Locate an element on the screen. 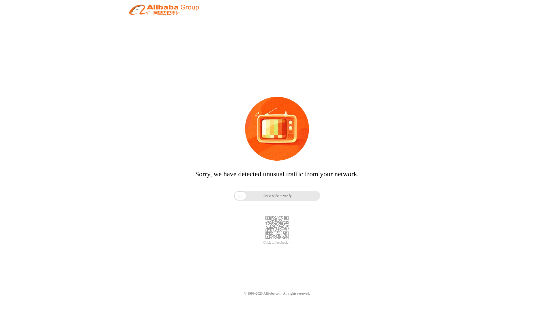  'Click to feedback >' is located at coordinates (277, 242).